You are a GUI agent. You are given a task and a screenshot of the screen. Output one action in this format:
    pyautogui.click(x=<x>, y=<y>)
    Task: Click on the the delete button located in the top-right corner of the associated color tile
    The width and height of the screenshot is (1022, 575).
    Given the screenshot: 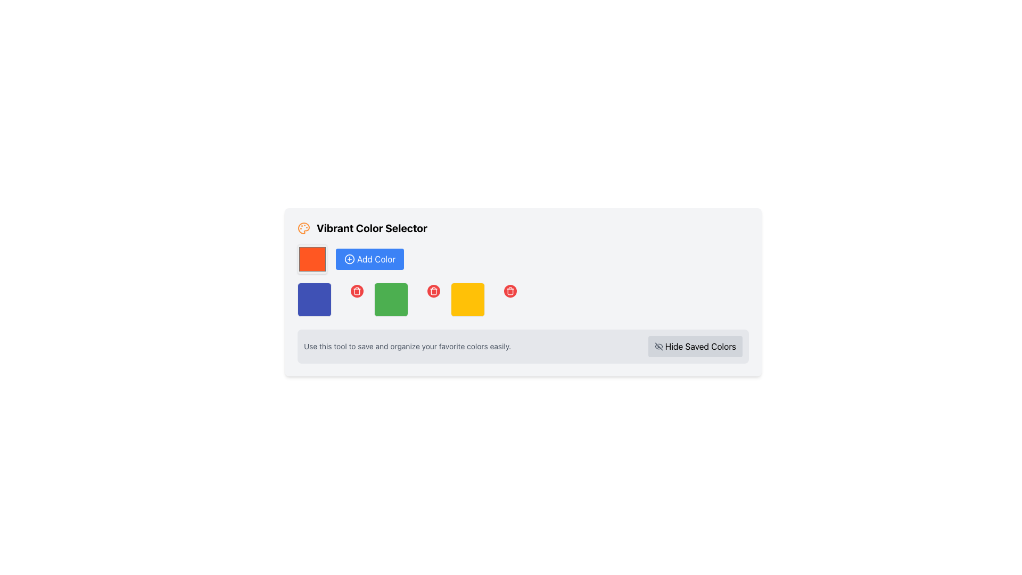 What is the action you would take?
    pyautogui.click(x=510, y=291)
    